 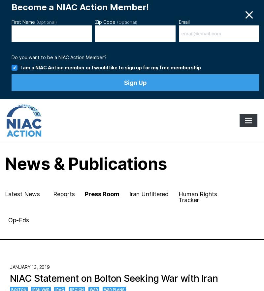 What do you see at coordinates (30, 267) in the screenshot?
I see `'January 13, 2019'` at bounding box center [30, 267].